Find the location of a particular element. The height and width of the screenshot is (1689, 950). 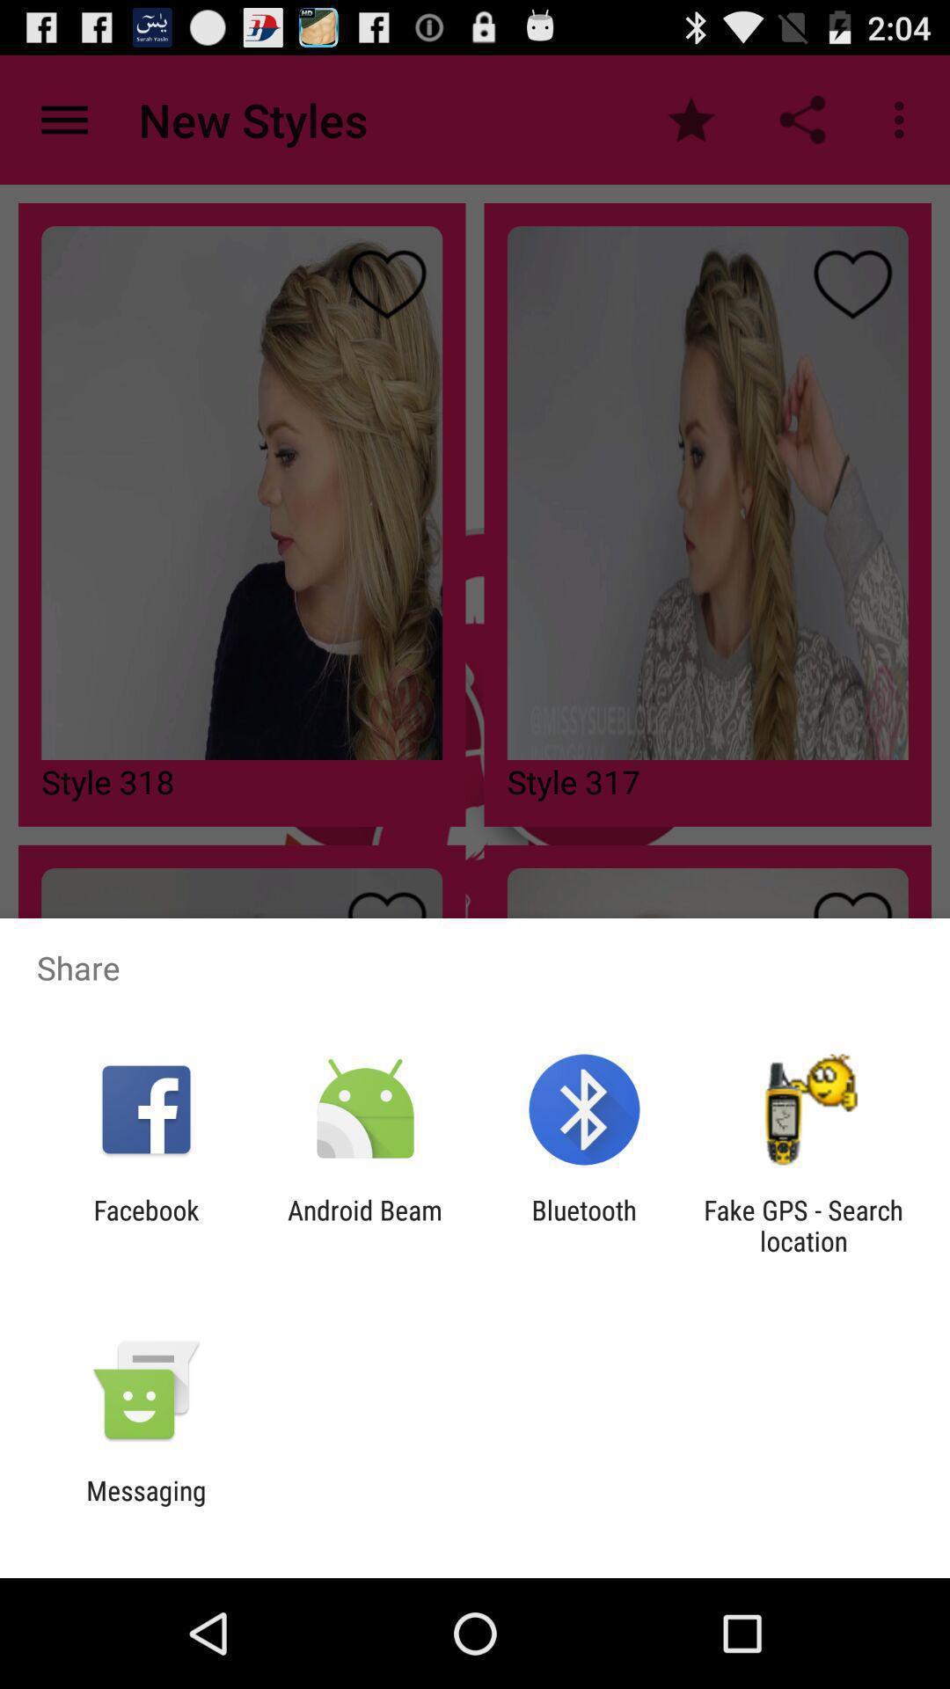

app to the right of the bluetooth item is located at coordinates (803, 1225).